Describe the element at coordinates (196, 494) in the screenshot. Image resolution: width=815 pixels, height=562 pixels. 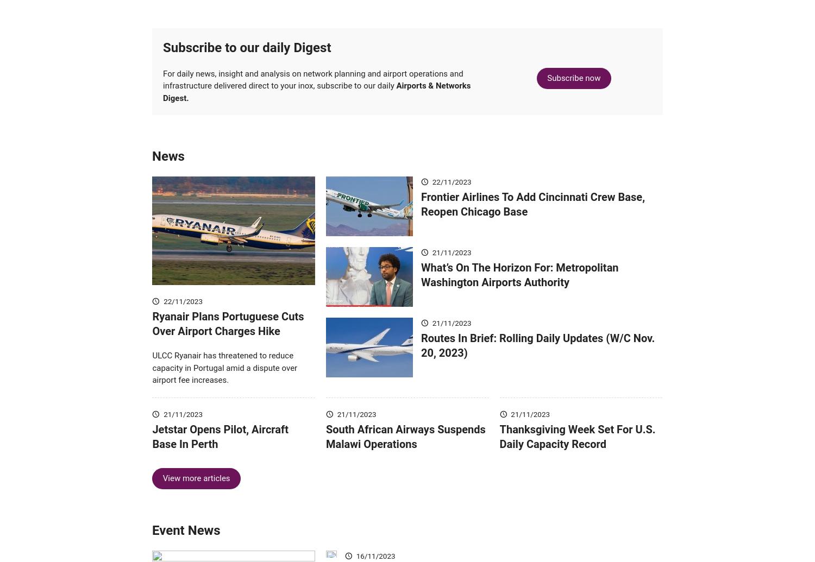
I see `'View more articles'` at that location.